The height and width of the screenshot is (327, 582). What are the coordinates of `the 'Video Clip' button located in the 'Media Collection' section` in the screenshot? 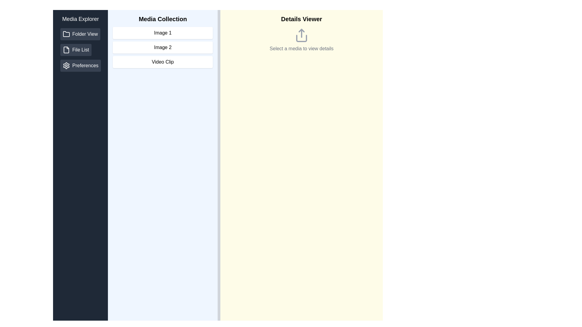 It's located at (163, 62).